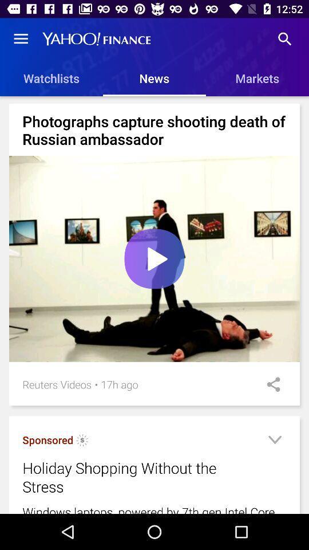  I want to click on menu option, so click(274, 441).